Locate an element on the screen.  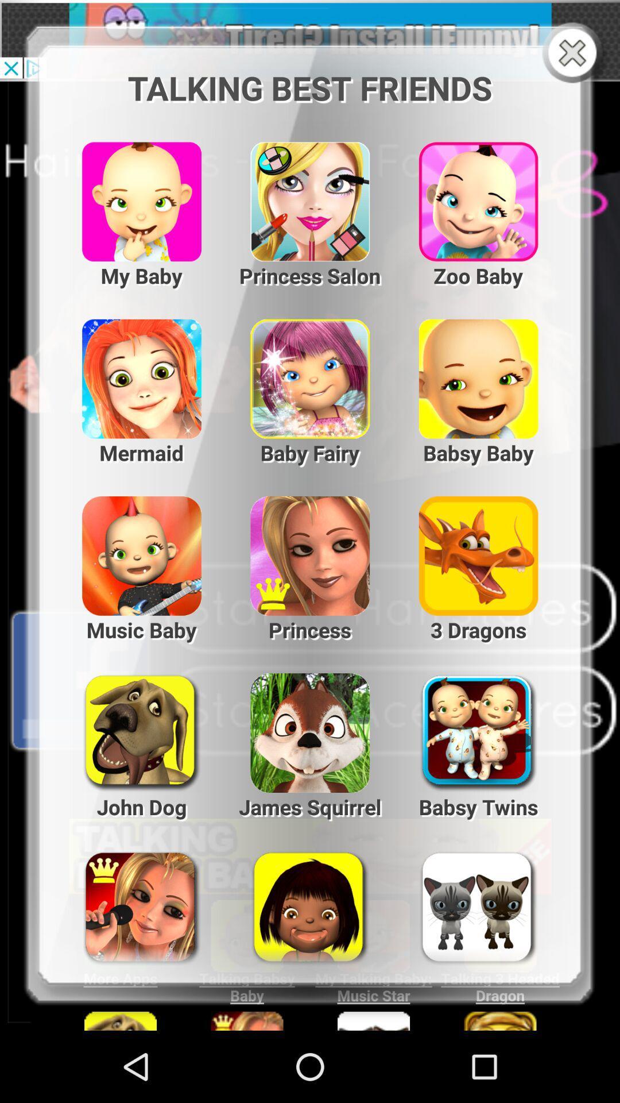
the close icon is located at coordinates (575, 57).